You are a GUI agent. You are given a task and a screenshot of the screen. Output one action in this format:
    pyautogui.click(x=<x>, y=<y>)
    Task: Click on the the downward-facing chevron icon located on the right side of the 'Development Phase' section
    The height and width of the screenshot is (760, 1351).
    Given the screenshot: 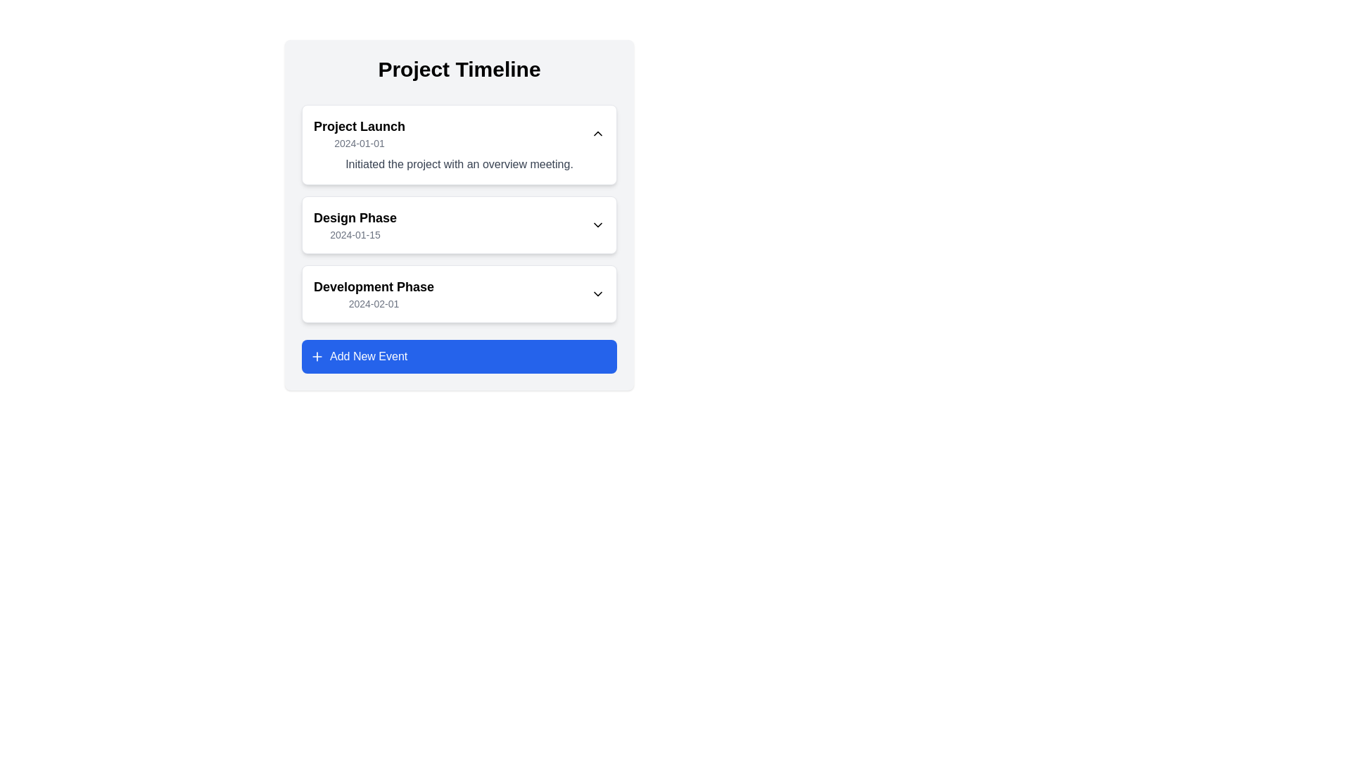 What is the action you would take?
    pyautogui.click(x=597, y=293)
    